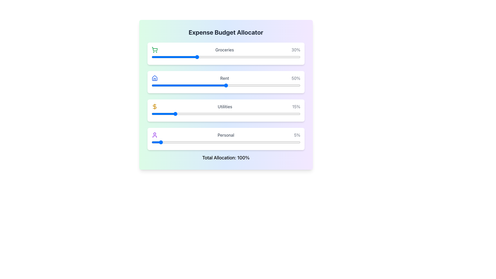 This screenshot has width=496, height=279. I want to click on the Utilities slider, so click(223, 113).